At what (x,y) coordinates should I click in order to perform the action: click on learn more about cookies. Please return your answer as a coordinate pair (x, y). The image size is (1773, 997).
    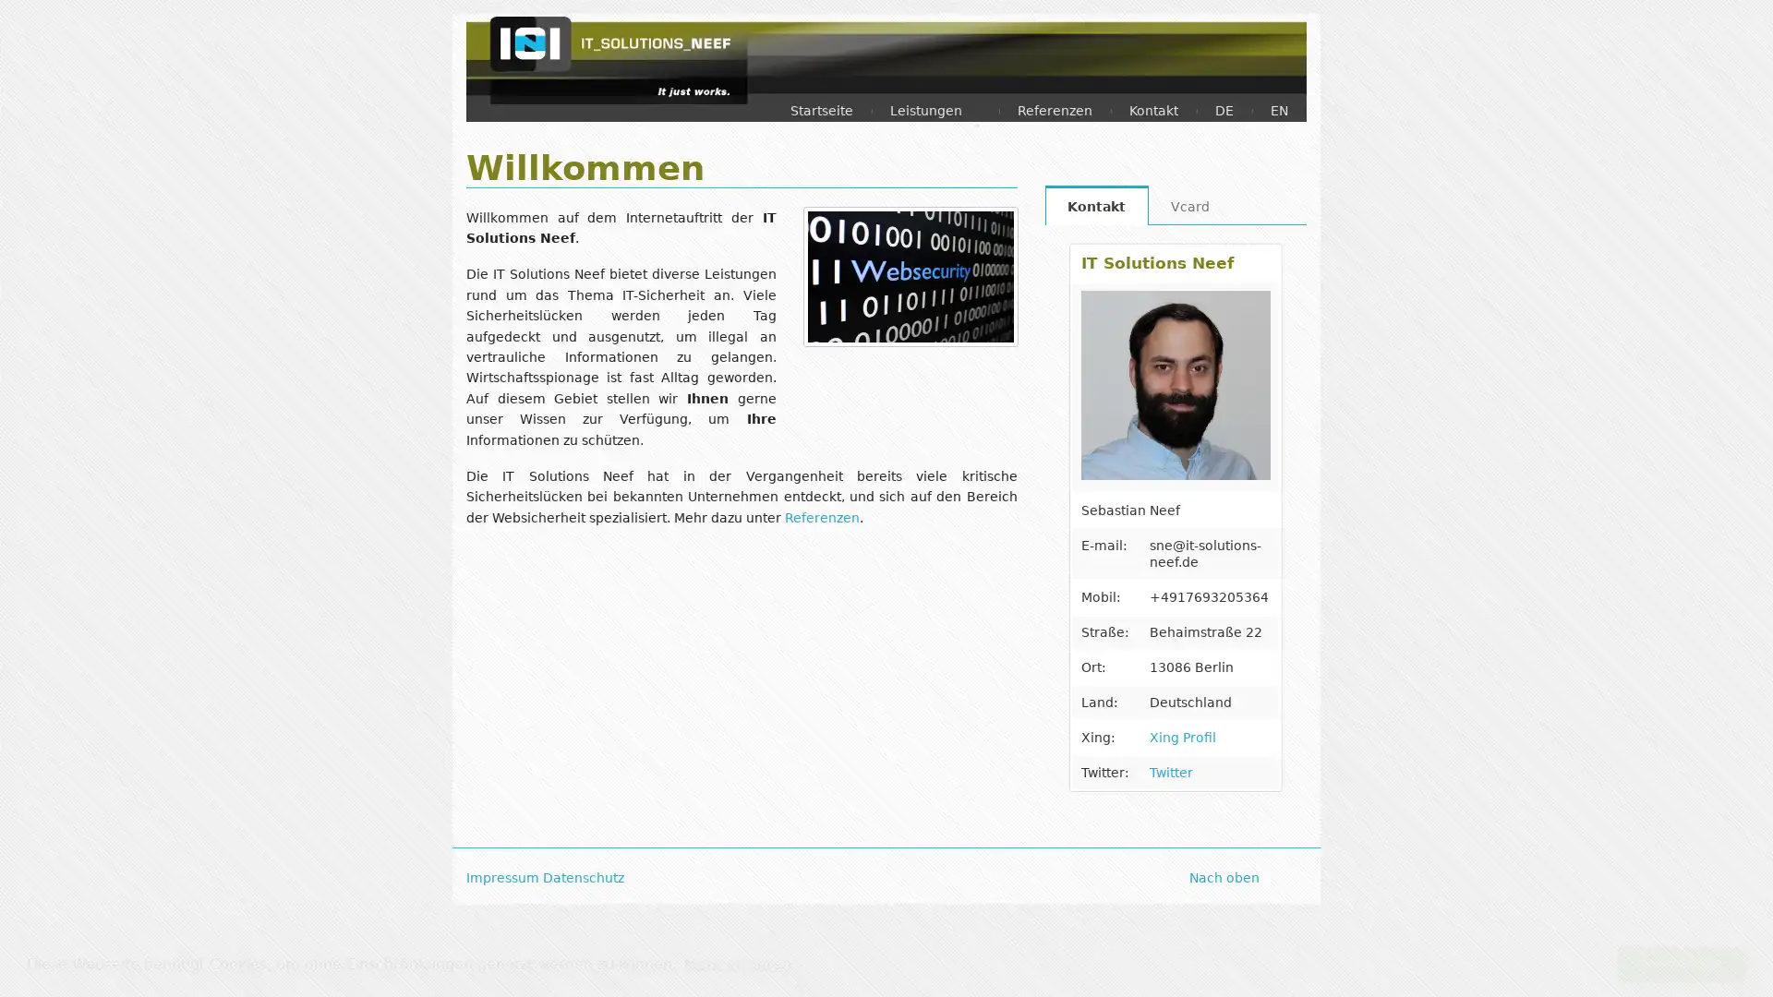
    Looking at the image, I should click on (736, 963).